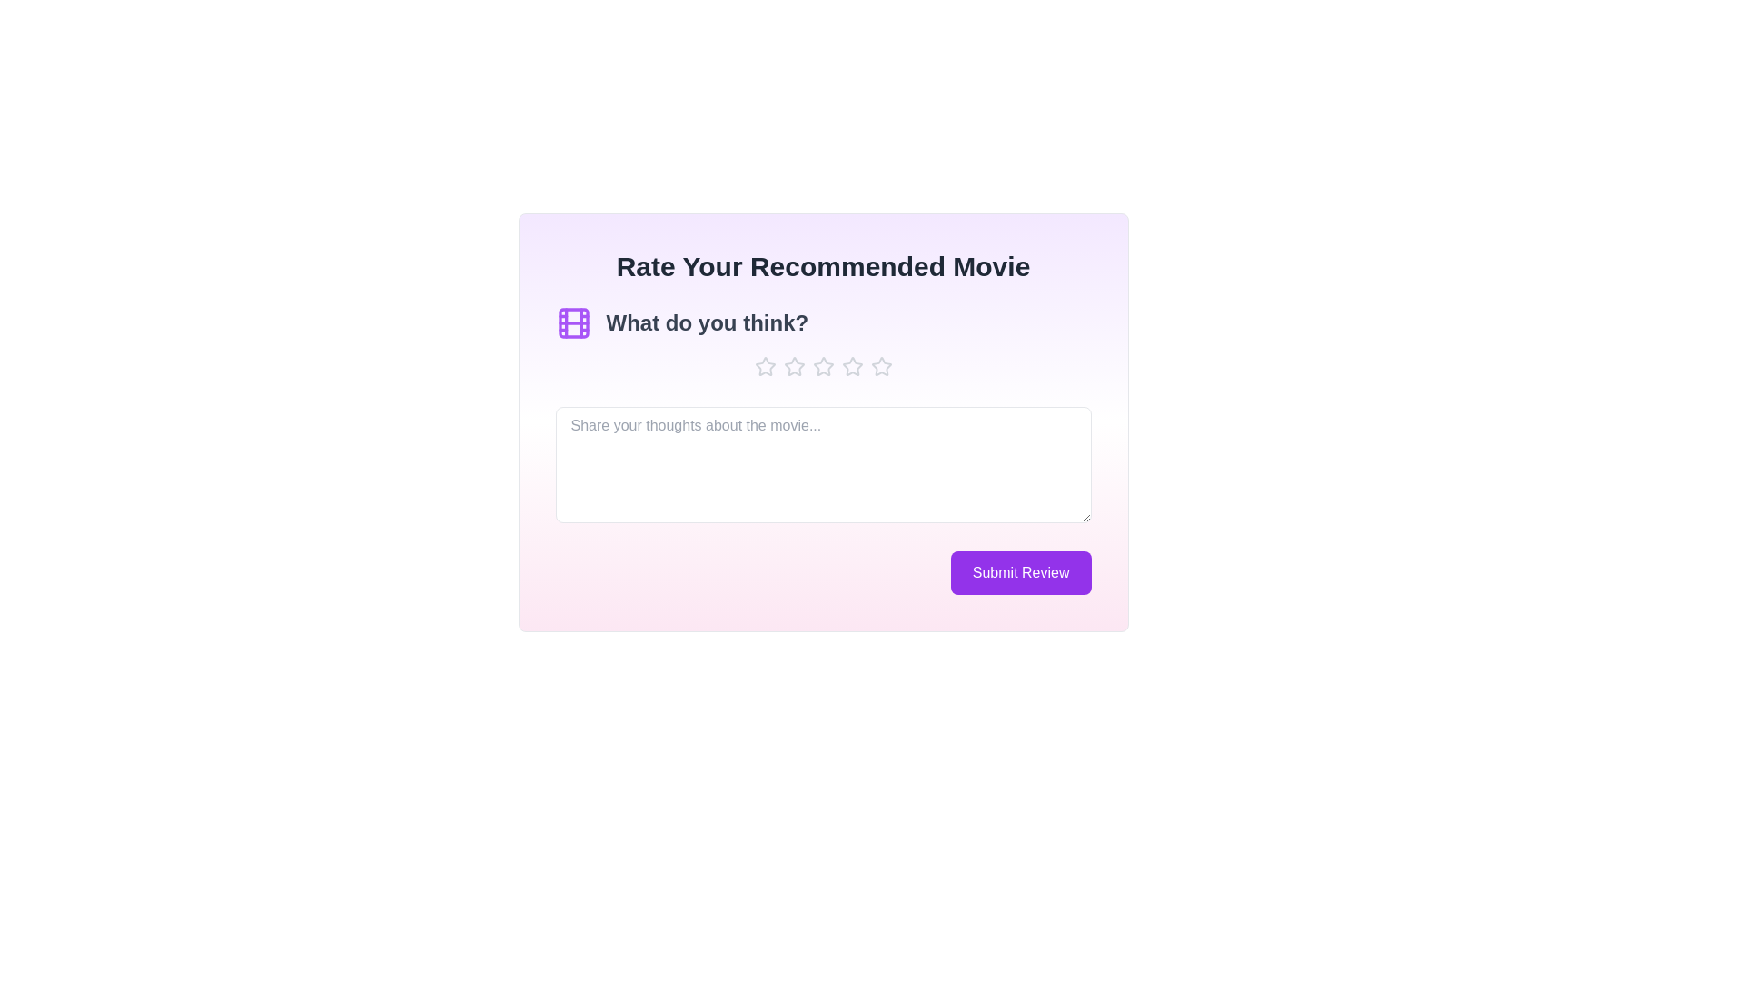 This screenshot has height=981, width=1744. Describe the element at coordinates (794, 367) in the screenshot. I see `the star icon to set the rating to 2` at that location.